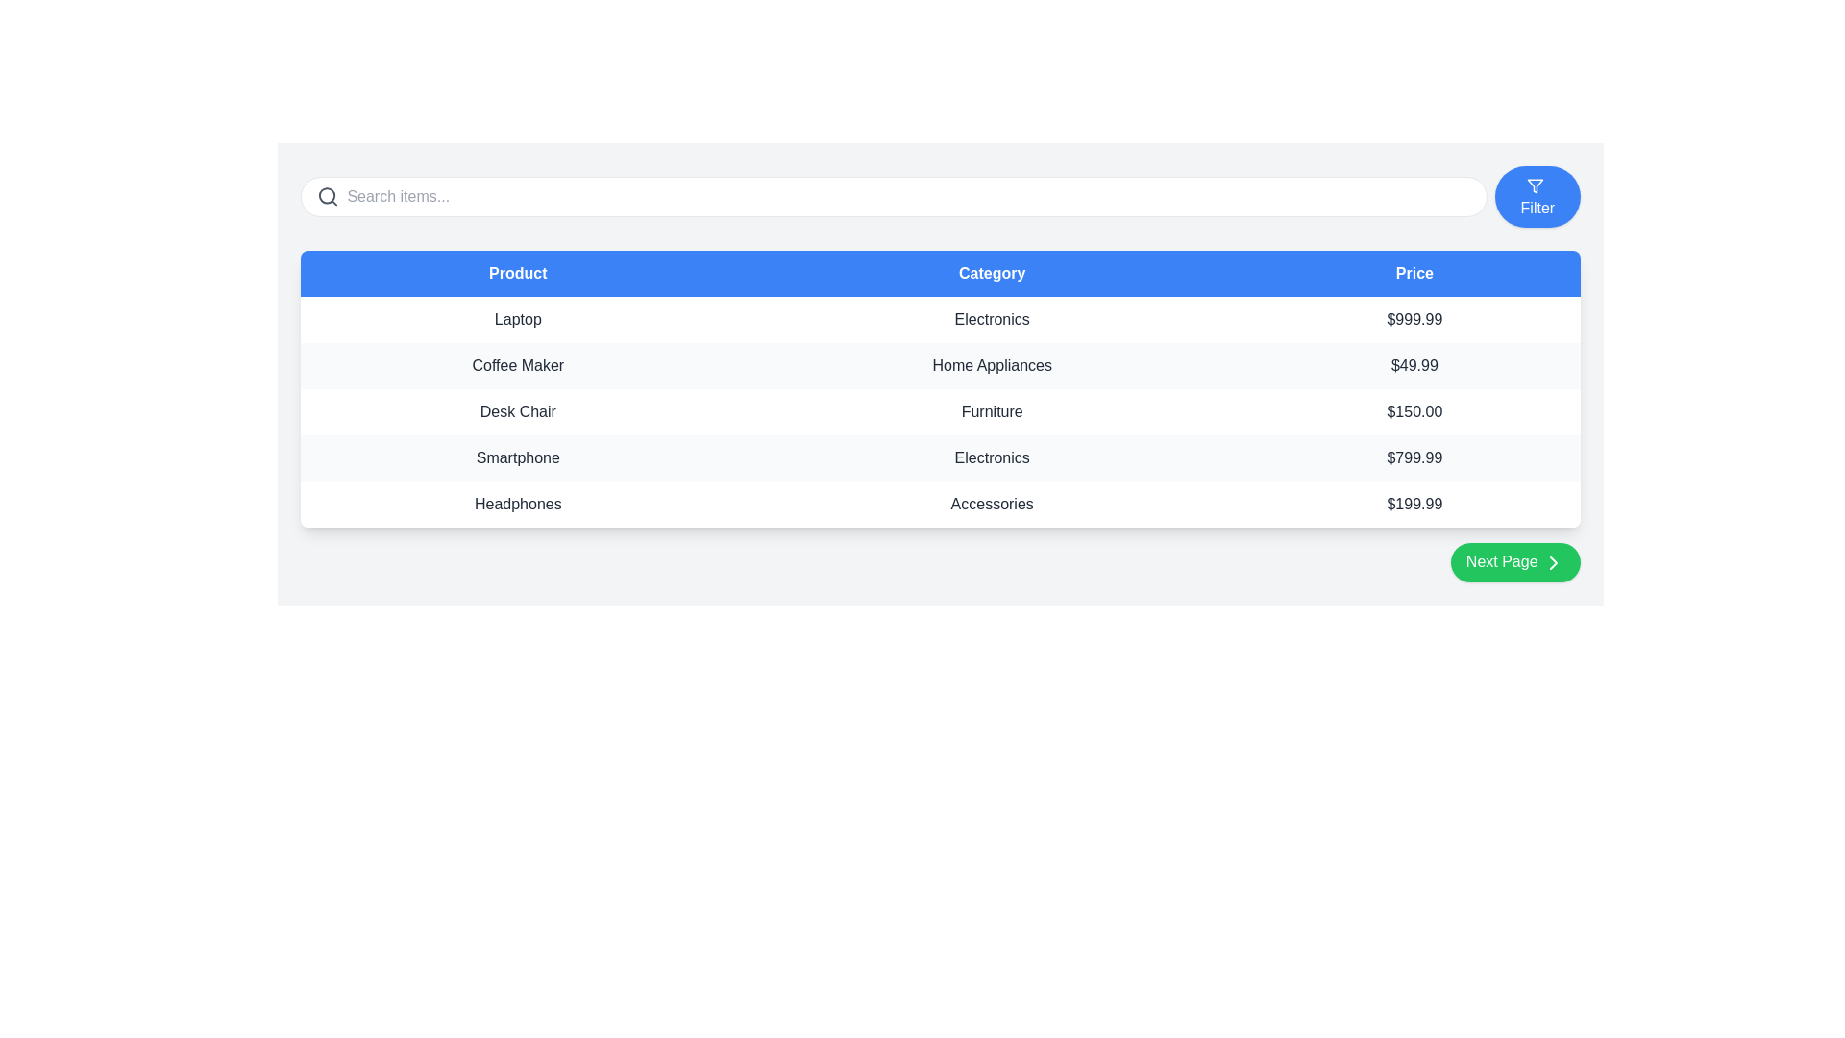  I want to click on the static text element displaying the price '$150.00' for the 'Desk Chair' located in the third row of the table under the 'Price' column, so click(1414, 410).